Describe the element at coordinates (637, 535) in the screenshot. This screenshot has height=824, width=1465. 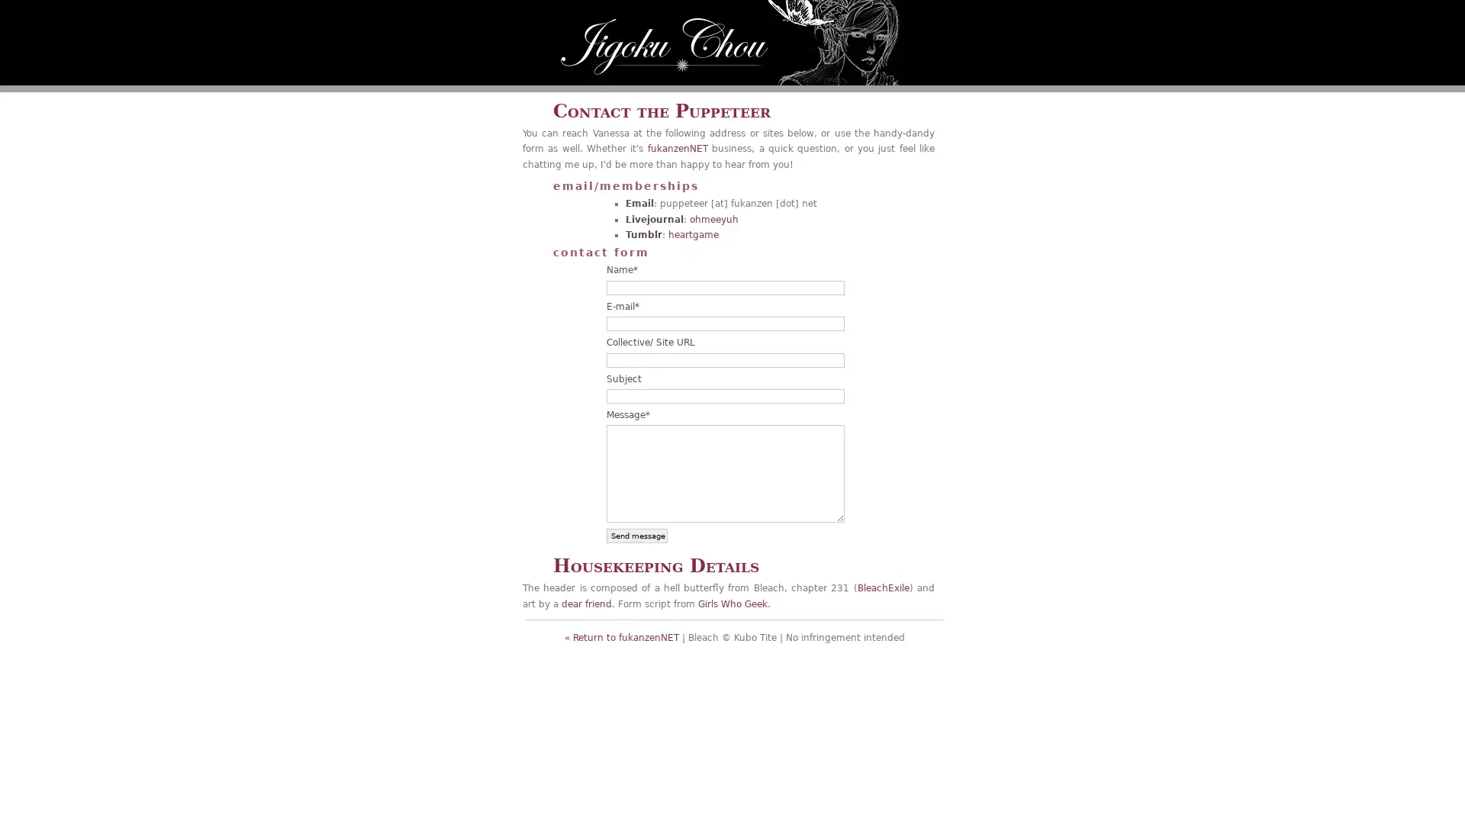
I see `Send message` at that location.